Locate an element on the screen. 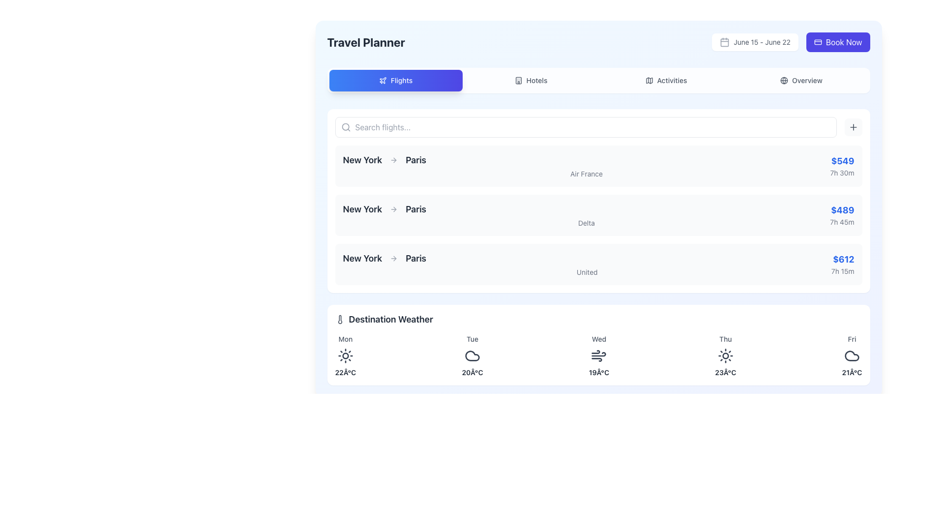 The height and width of the screenshot is (531, 944). the area around the cost text element for the Delta flight option is located at coordinates (842, 210).